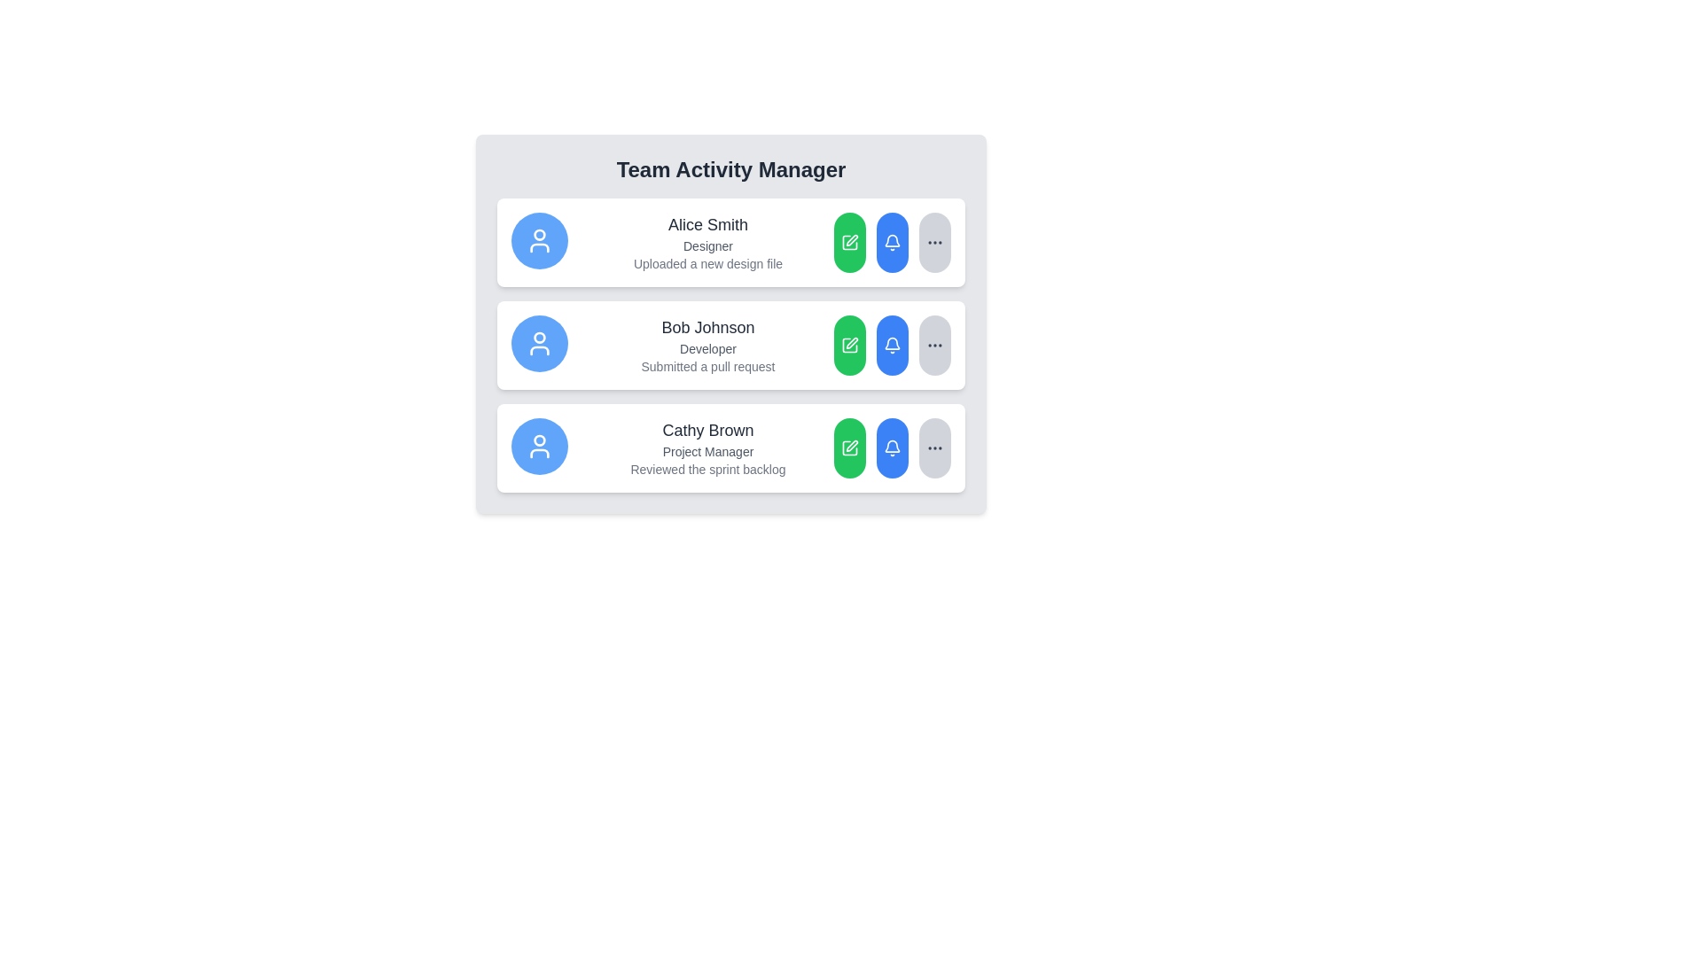  Describe the element at coordinates (893, 242) in the screenshot. I see `the circular button with a bell icon and blue background, located between the green pencil button and the gray ellipses button, to observe its visual changes` at that location.